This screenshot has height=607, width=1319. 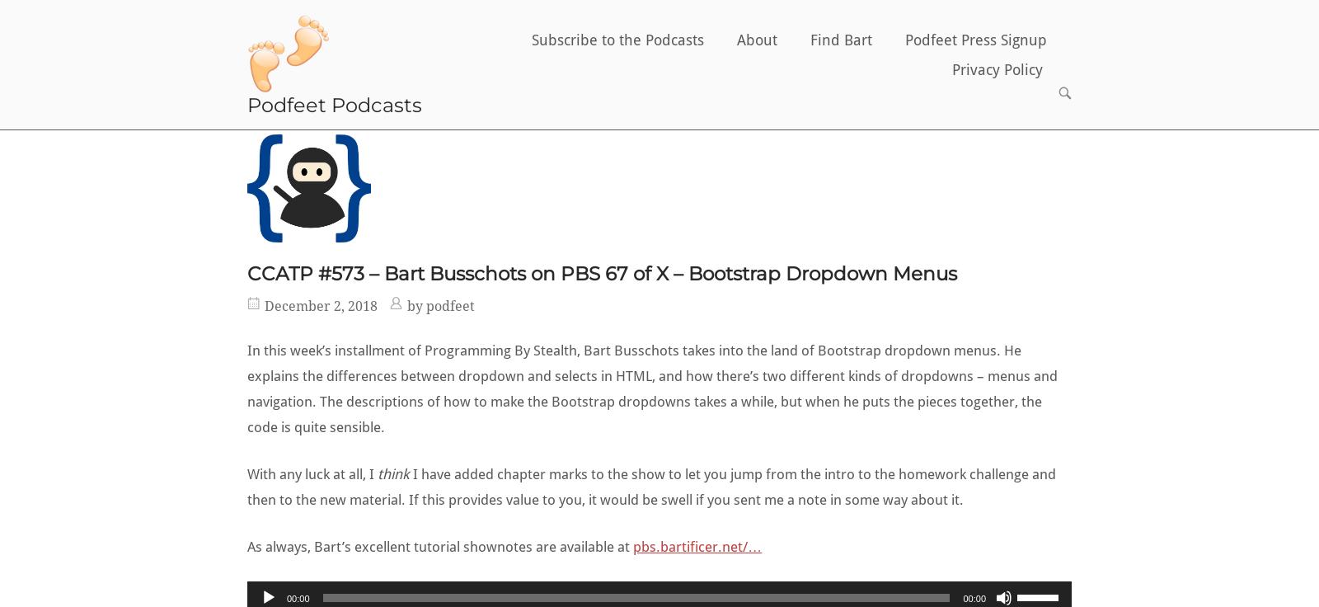 What do you see at coordinates (756, 39) in the screenshot?
I see `'About'` at bounding box center [756, 39].